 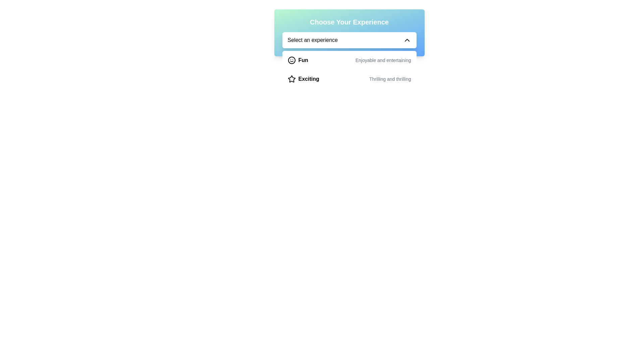 I want to click on the first selectable list item labeled 'Fun', so click(x=298, y=60).